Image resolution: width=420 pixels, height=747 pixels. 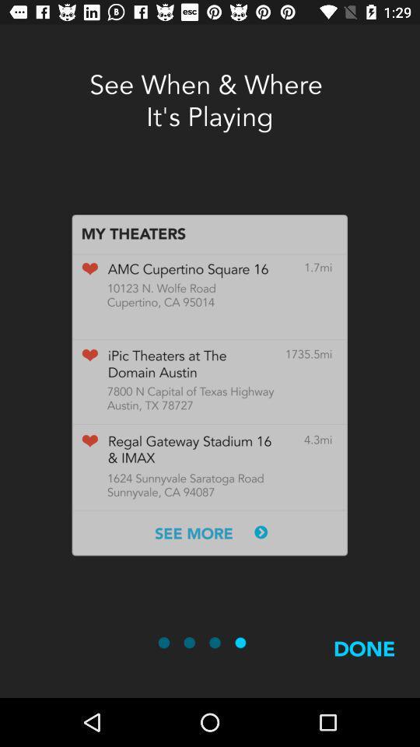 I want to click on icon below the see when where icon, so click(x=209, y=384).